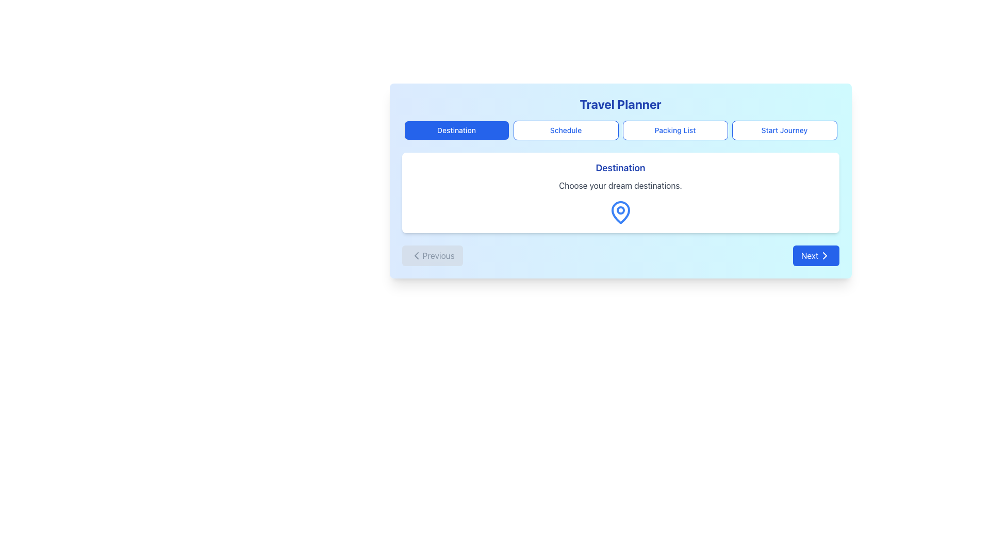  What do you see at coordinates (784, 130) in the screenshot?
I see `the 'Start Journey' button, which is the fourth button in the horizontal navigation row of the Travel Planner interface, featuring a white background, blue border, and centered blue text` at bounding box center [784, 130].